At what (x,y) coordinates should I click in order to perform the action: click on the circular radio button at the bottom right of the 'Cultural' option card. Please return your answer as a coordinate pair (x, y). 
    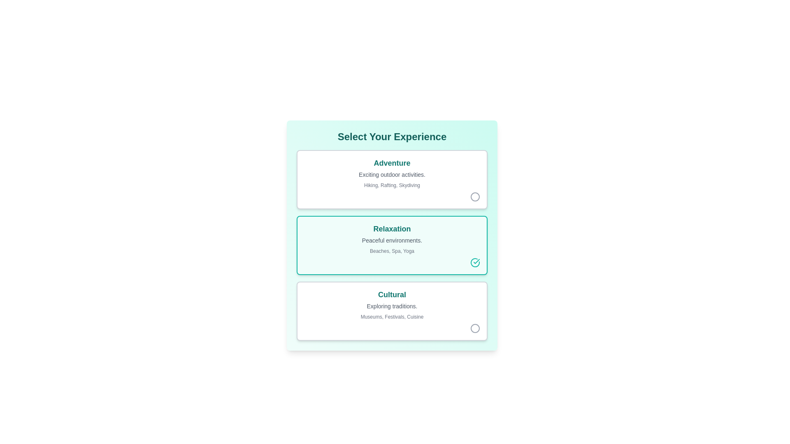
    Looking at the image, I should click on (475, 328).